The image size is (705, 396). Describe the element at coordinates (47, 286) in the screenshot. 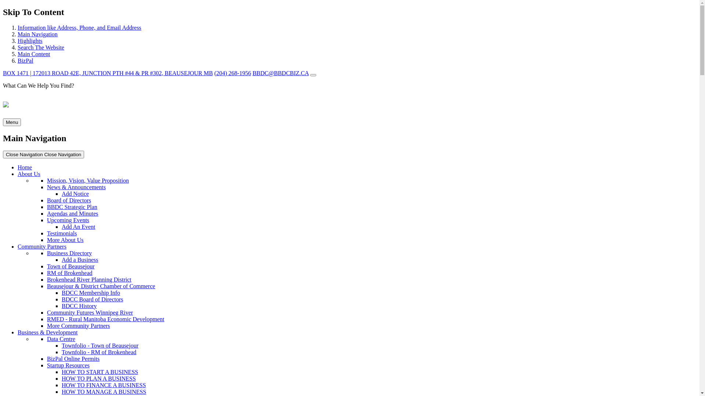

I see `'Beausejour & District Chamber of Commerce'` at that location.